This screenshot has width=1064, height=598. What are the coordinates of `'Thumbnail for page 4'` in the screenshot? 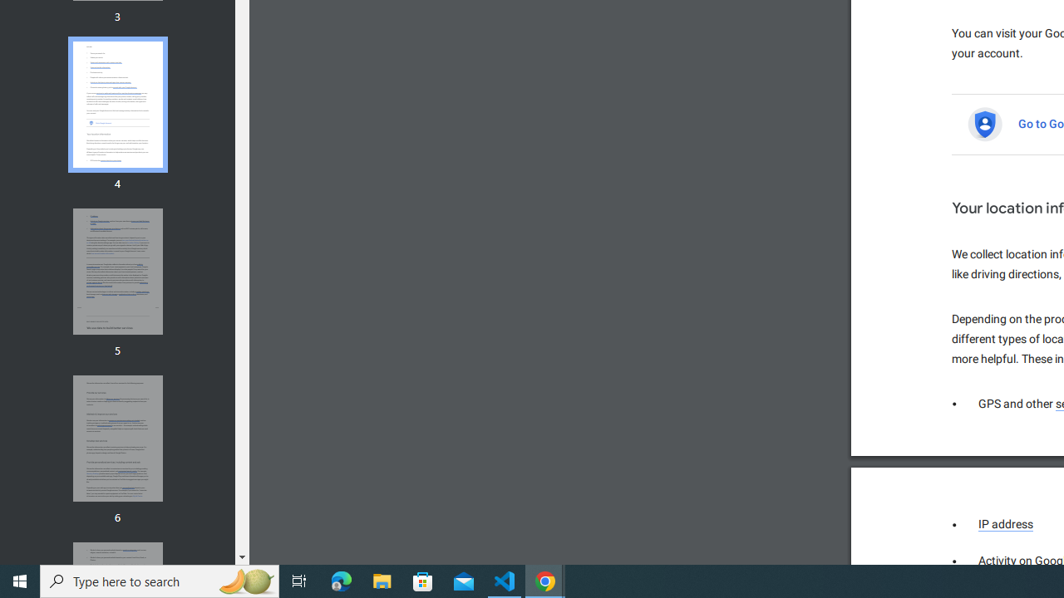 It's located at (116, 105).